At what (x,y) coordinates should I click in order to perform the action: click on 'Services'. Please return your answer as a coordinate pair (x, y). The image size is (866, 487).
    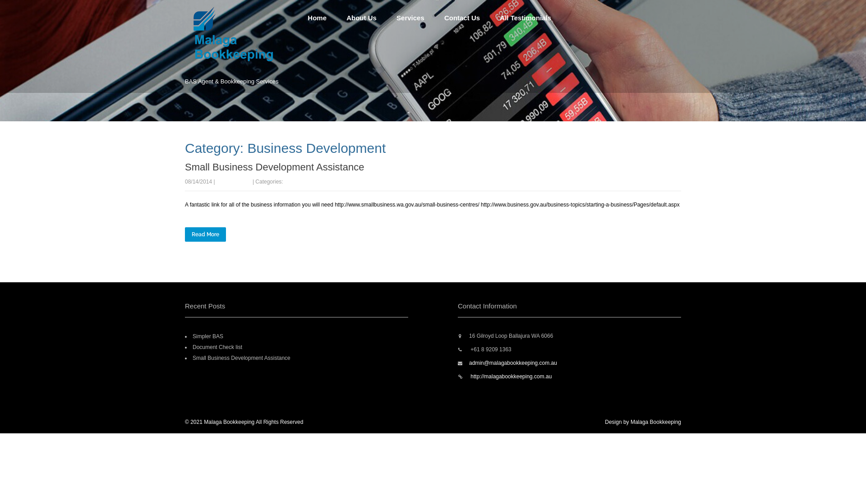
    Looking at the image, I should click on (410, 18).